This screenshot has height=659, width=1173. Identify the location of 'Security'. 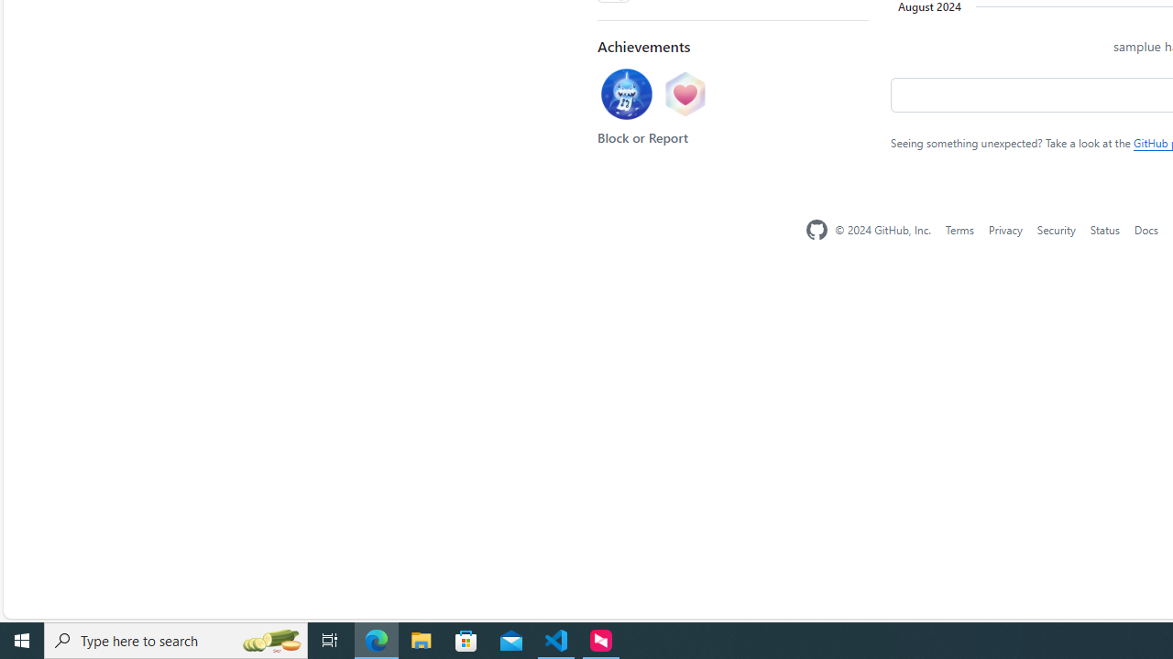
(1056, 229).